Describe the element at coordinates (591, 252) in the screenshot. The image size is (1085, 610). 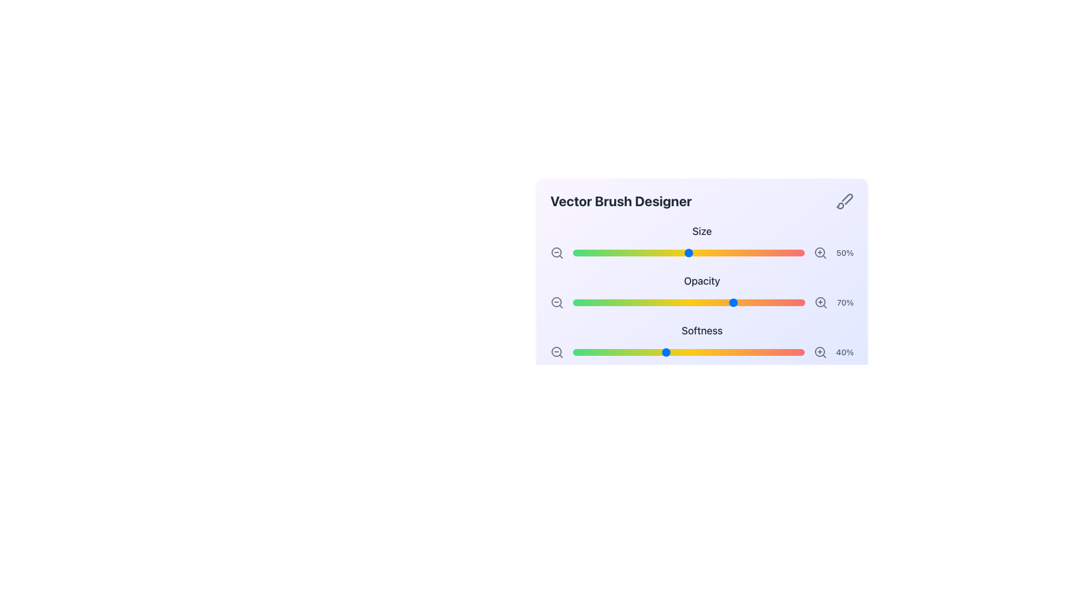
I see `the size` at that location.